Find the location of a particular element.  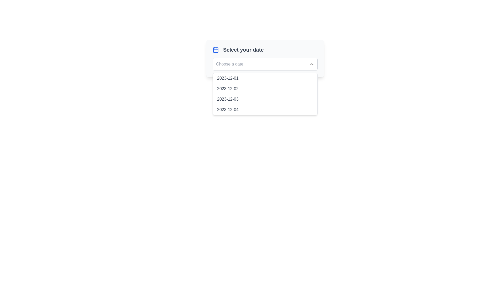

the calendar icon component located to the left of the text 'Select your date' in the date selection interface is located at coordinates (216, 50).